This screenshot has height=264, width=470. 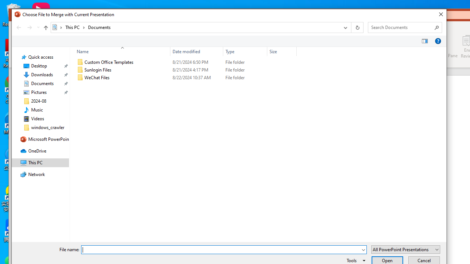 I want to click on 'Refresh "Documents" (F5)', so click(x=357, y=27).